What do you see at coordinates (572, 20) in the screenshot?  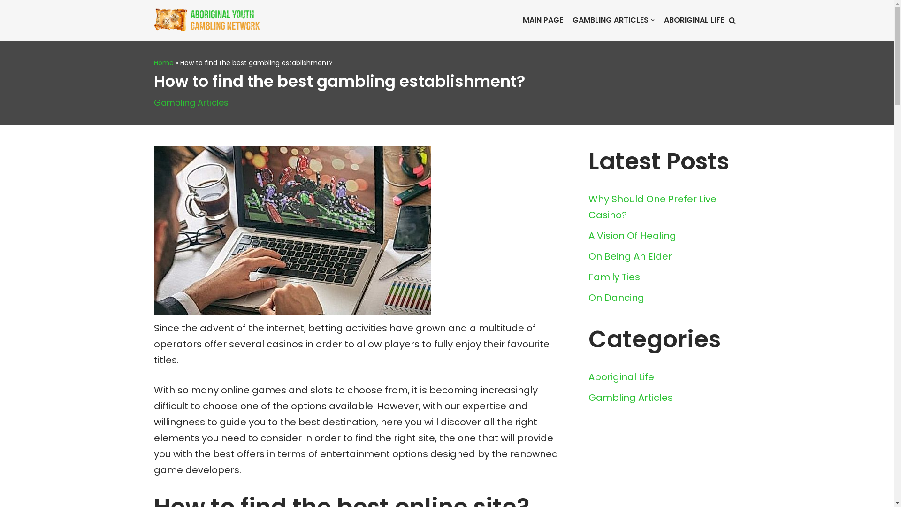 I see `'GAMBLING ARTICLES'` at bounding box center [572, 20].